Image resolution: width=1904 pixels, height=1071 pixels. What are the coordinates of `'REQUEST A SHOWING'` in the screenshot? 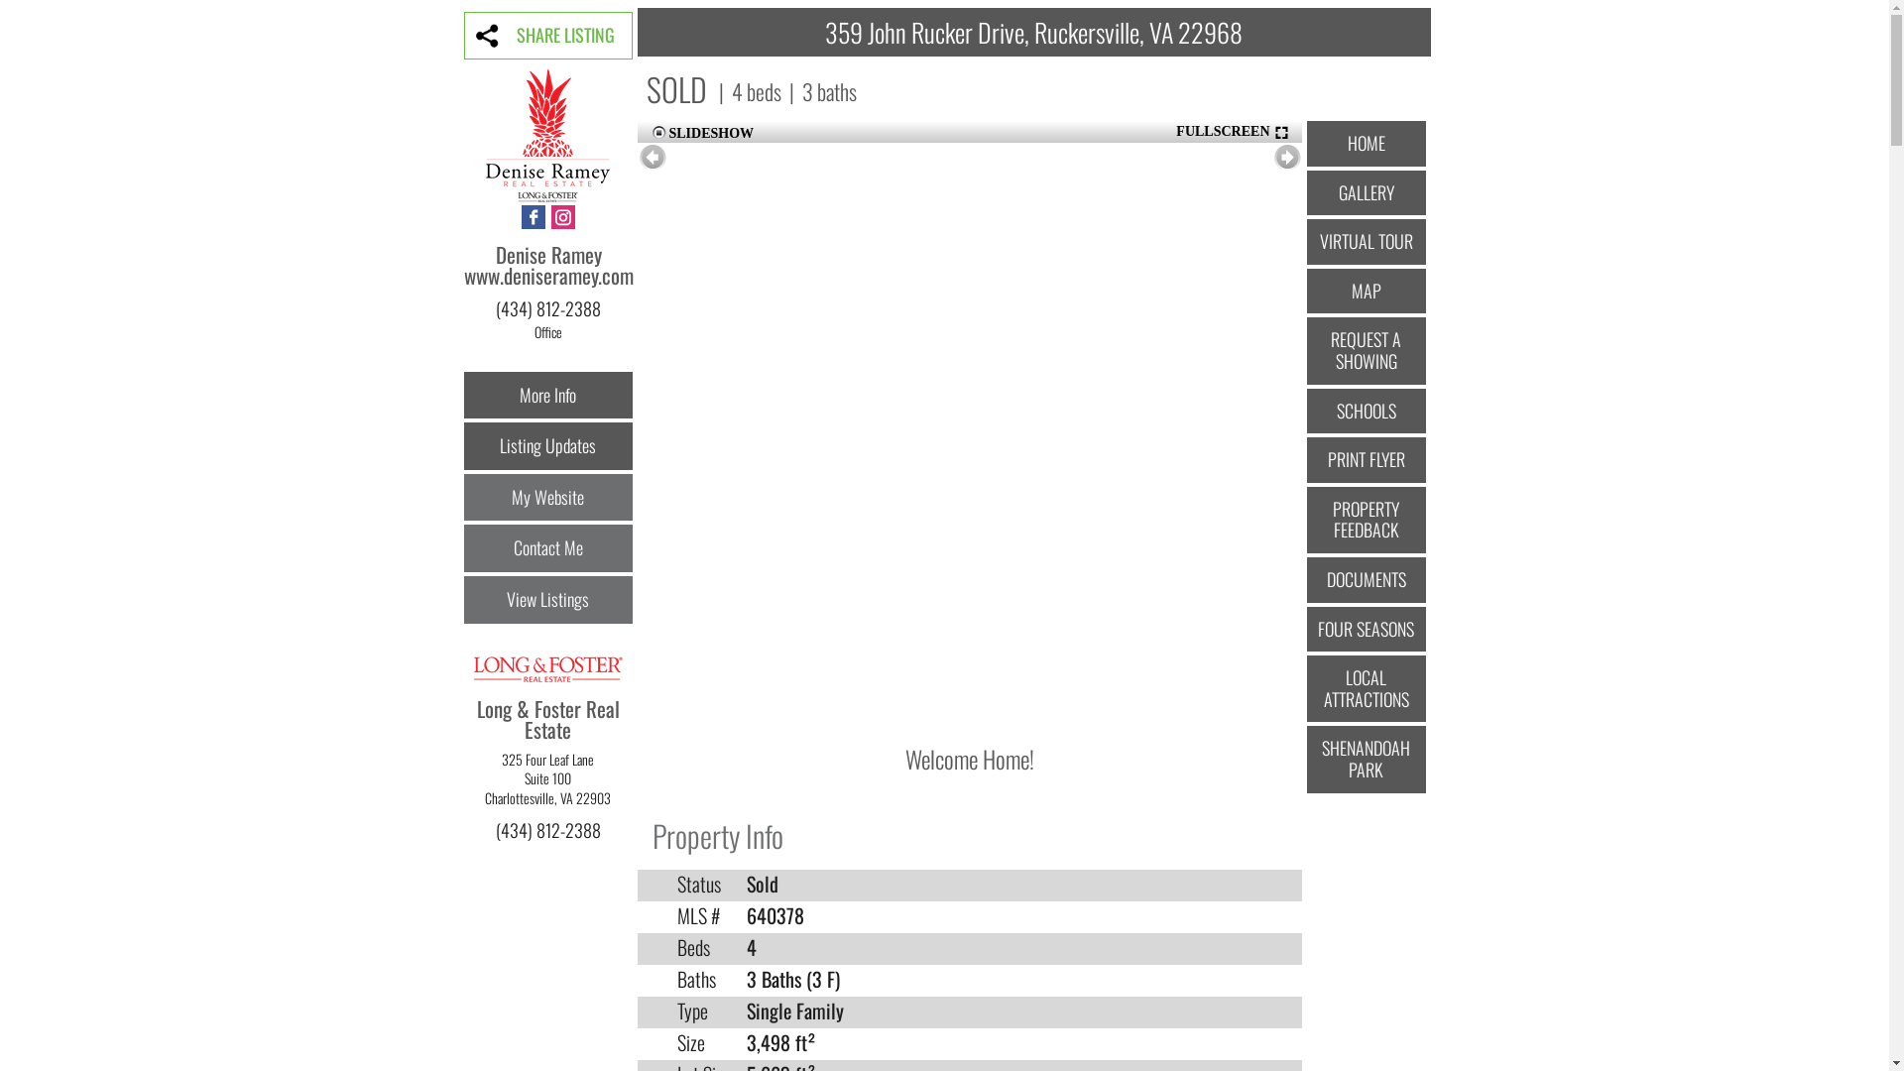 It's located at (1365, 349).